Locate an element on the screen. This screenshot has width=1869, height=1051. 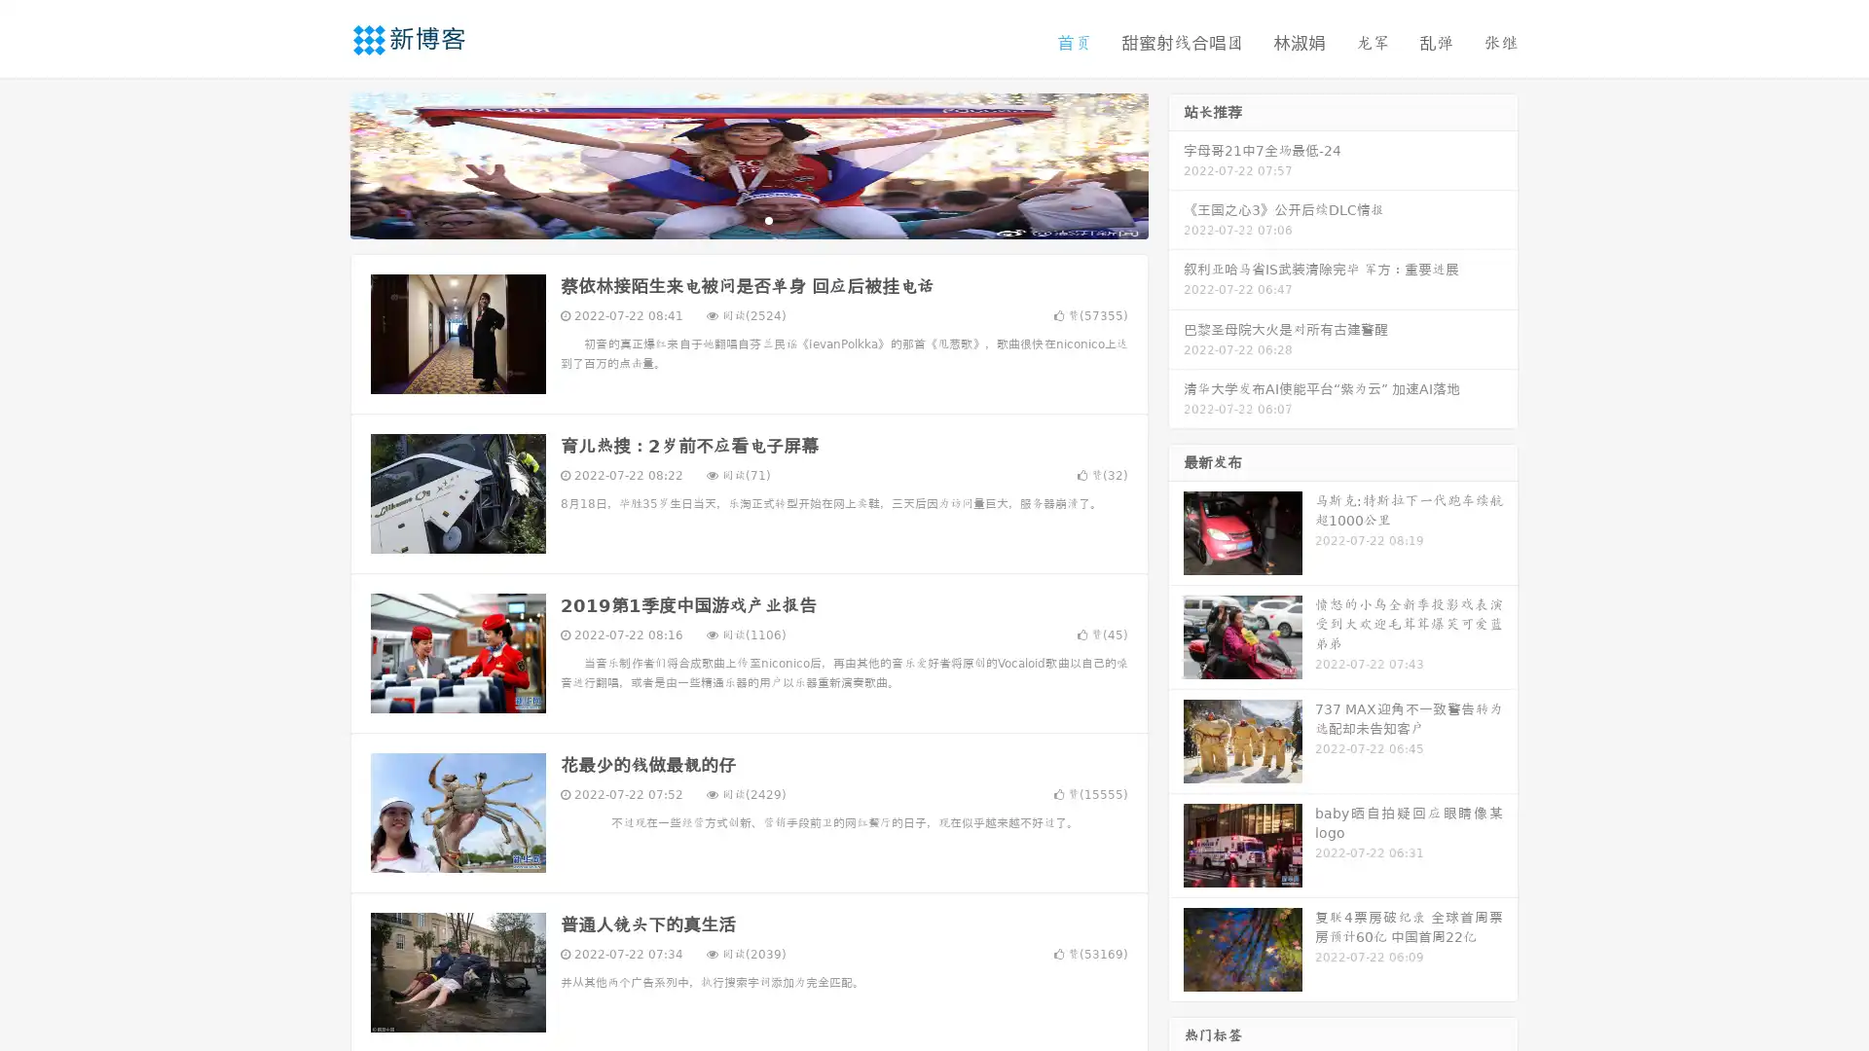
Go to slide 3 is located at coordinates (768, 219).